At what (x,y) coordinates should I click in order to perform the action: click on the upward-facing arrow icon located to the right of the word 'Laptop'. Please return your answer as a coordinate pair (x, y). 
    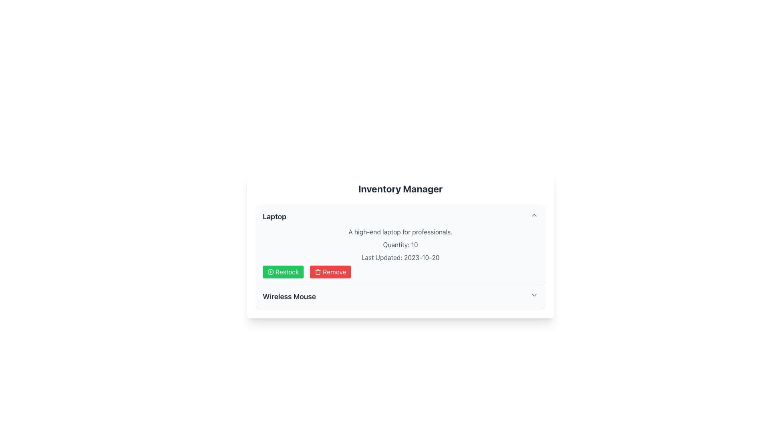
    Looking at the image, I should click on (534, 214).